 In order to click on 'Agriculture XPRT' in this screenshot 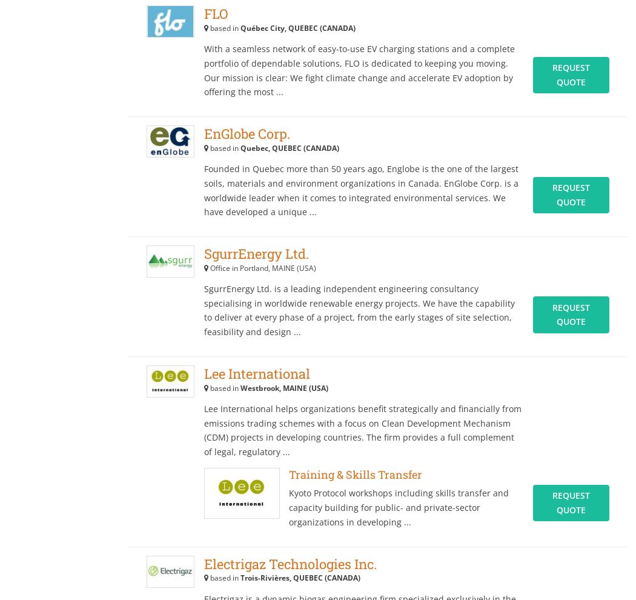, I will do `click(420, 59)`.